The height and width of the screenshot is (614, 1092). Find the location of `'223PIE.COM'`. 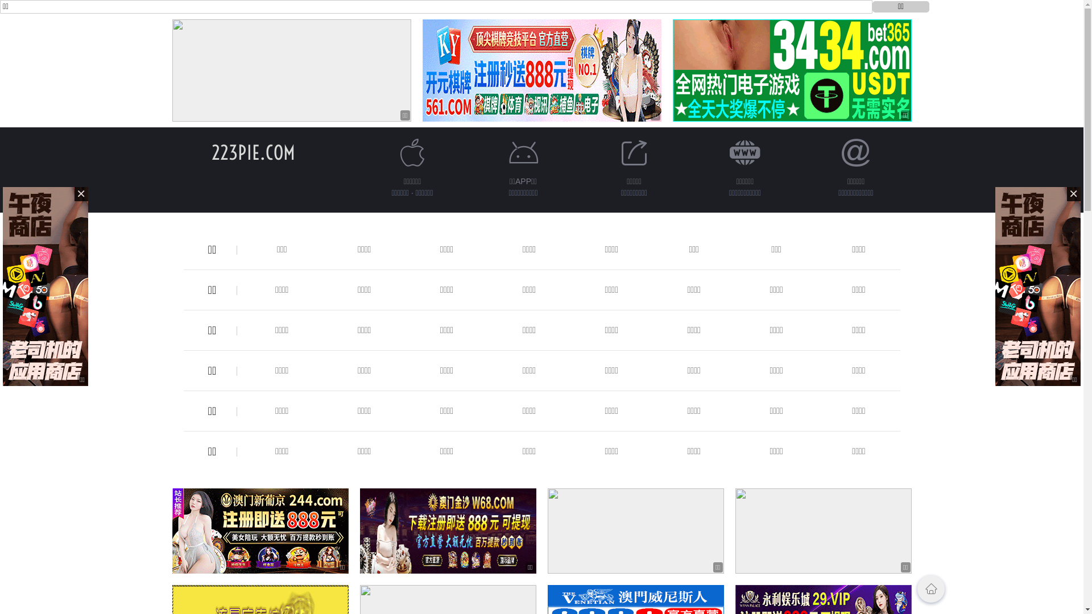

'223PIE.COM' is located at coordinates (253, 152).